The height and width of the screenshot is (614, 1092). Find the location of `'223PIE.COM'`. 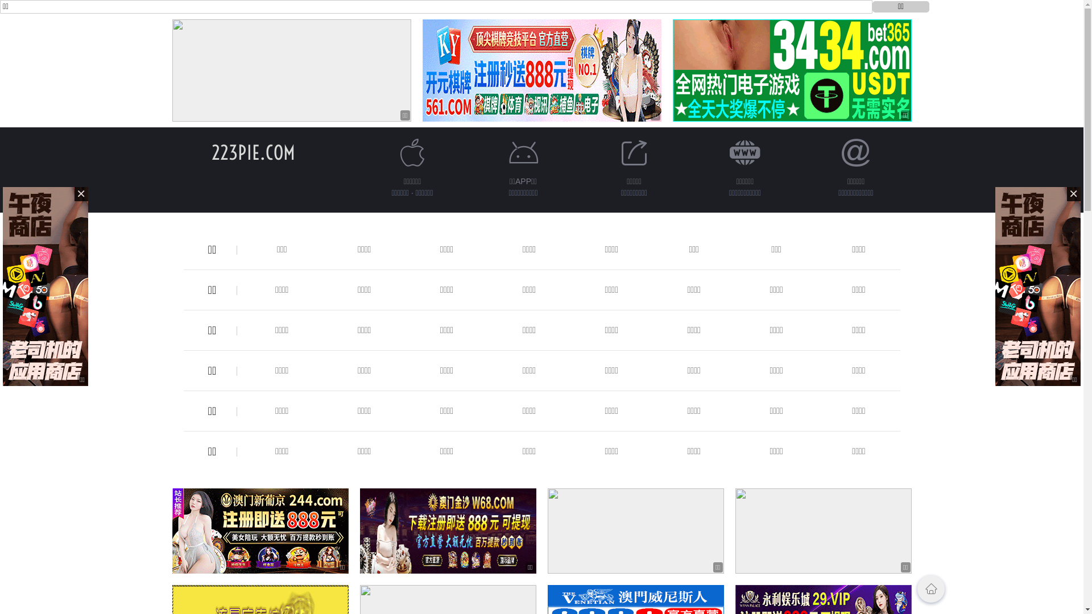

'223PIE.COM' is located at coordinates (253, 152).